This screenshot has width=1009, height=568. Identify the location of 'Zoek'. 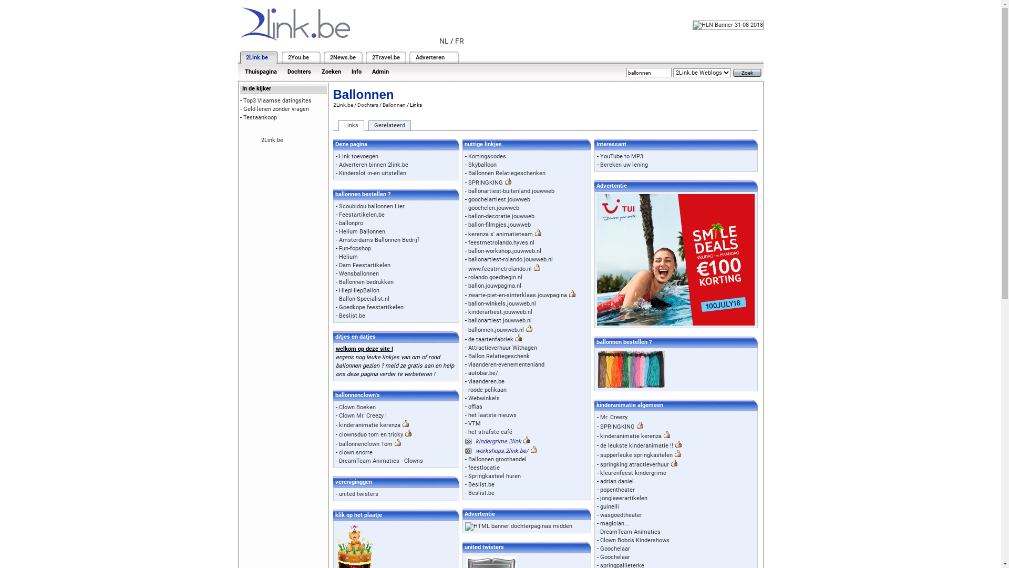
(746, 72).